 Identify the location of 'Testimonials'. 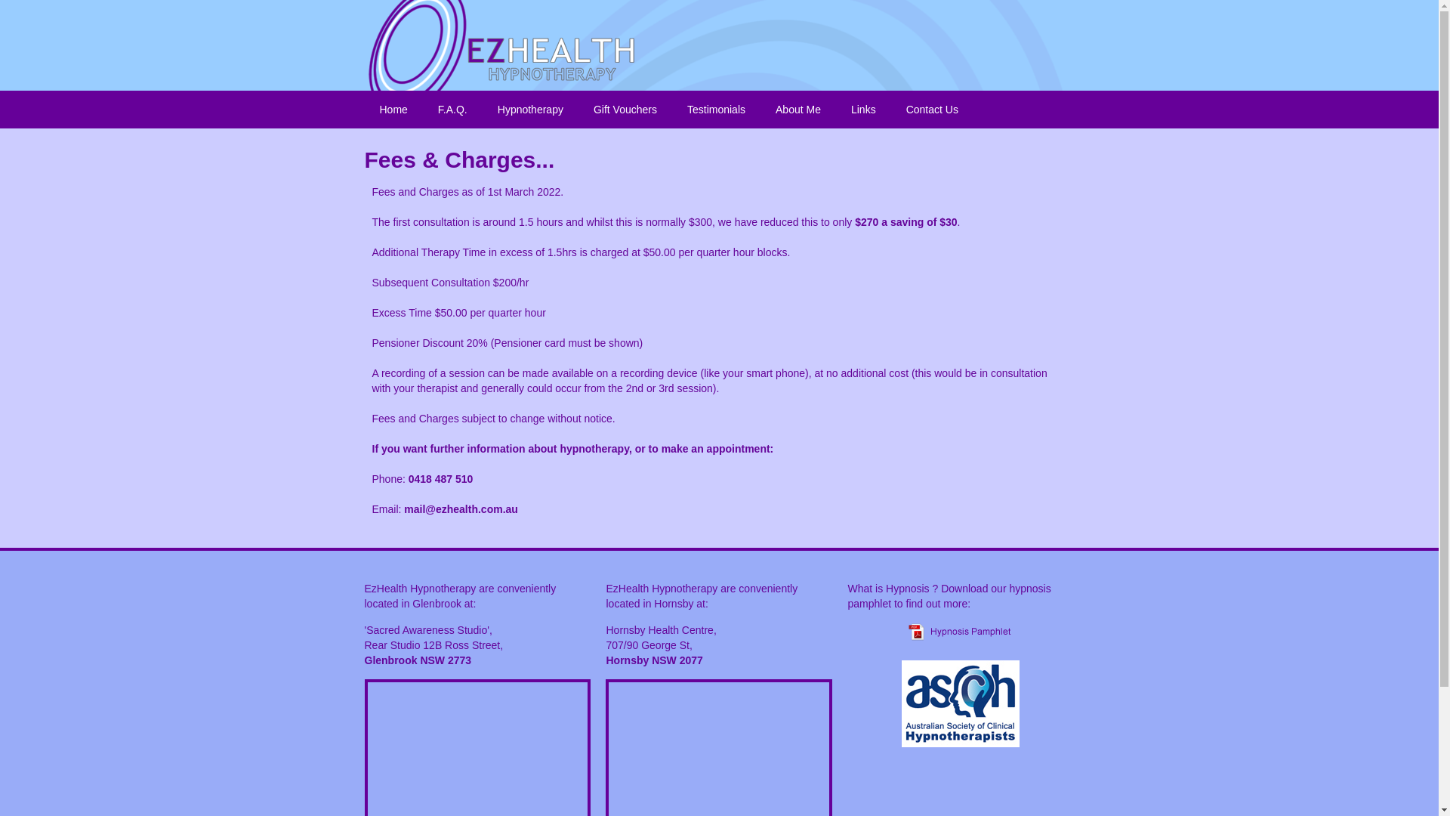
(715, 109).